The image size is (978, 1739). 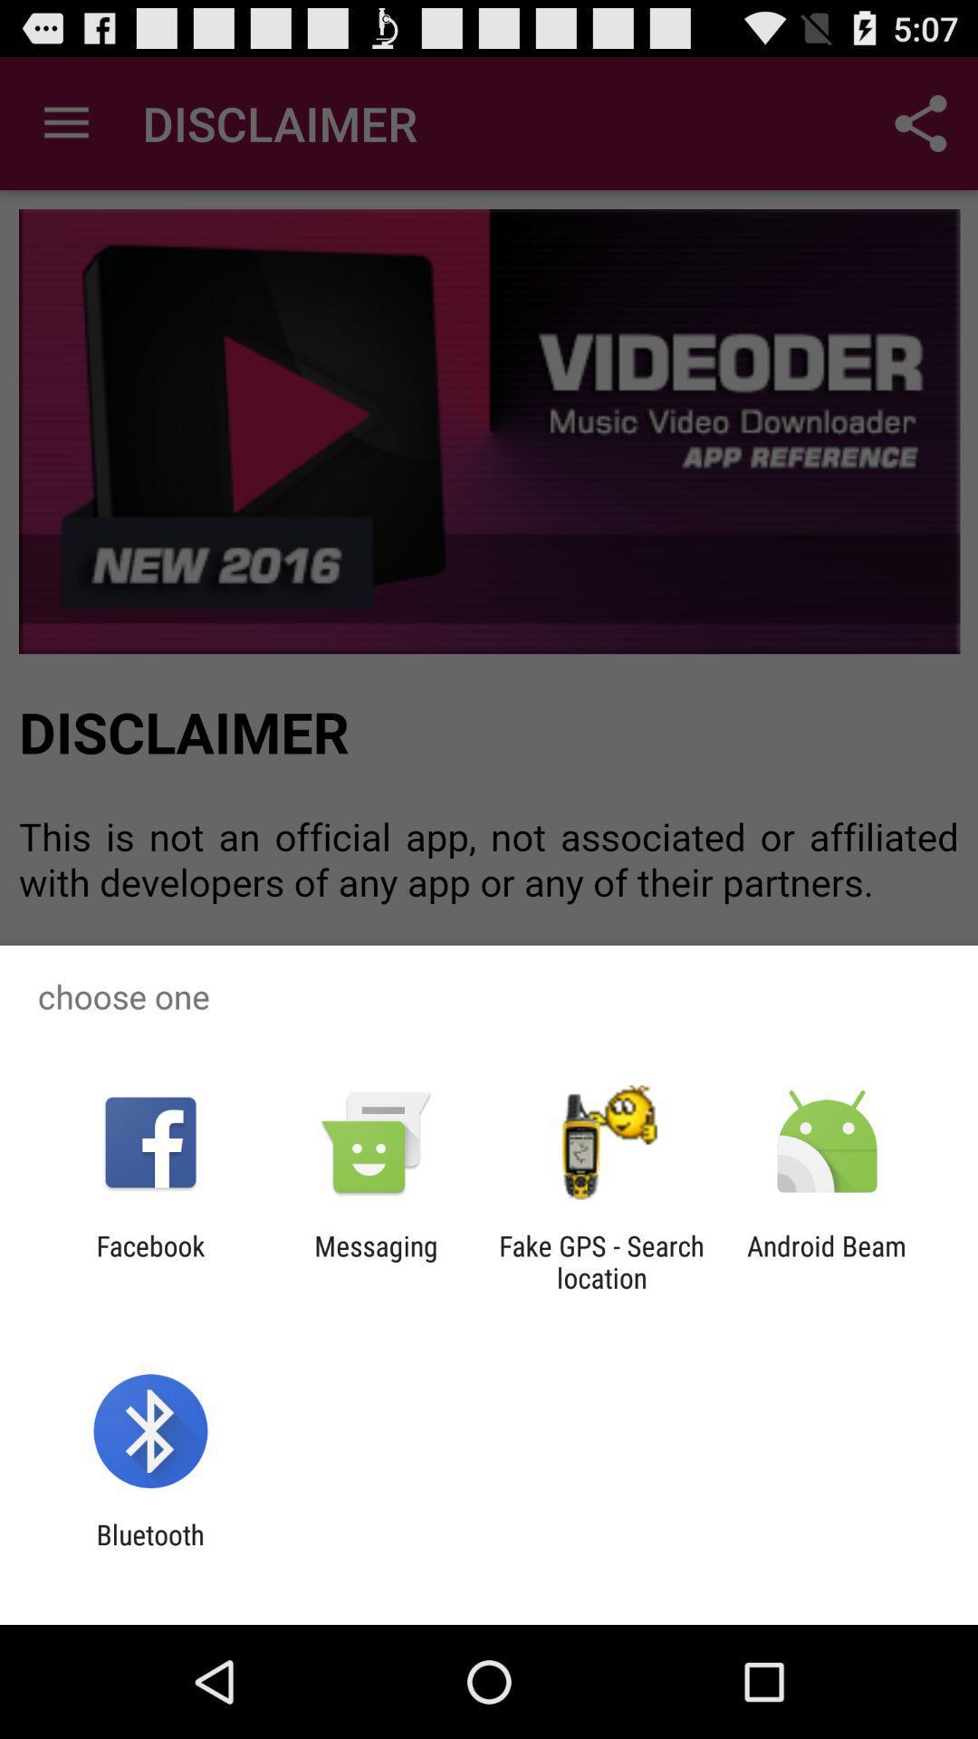 I want to click on icon to the left of android beam, so click(x=601, y=1261).